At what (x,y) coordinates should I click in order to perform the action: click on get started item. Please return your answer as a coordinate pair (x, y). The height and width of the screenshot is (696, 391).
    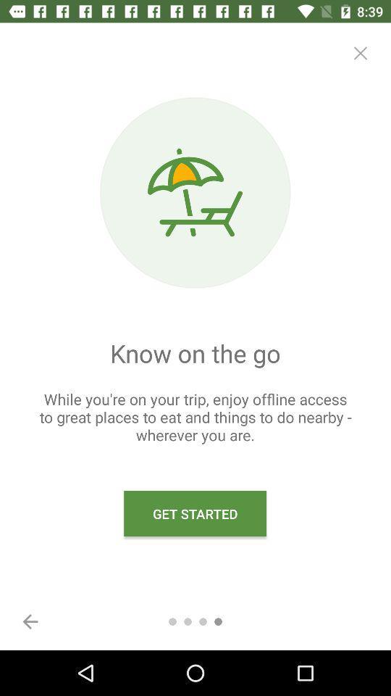
    Looking at the image, I should click on (195, 513).